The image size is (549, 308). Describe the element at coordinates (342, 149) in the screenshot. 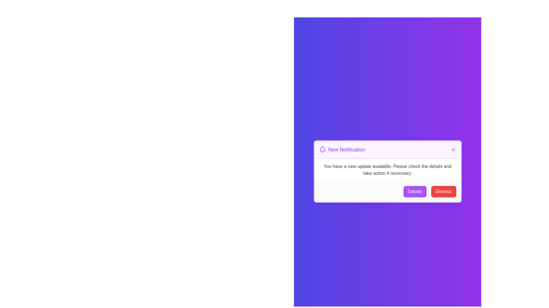

I see `the combined icon and text label in the notification header that indicates a new message or update, which is located to the left of the header bar's center with a purple background` at that location.